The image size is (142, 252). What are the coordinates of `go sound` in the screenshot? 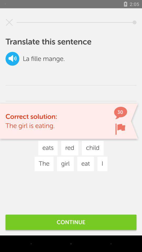 It's located at (12, 59).